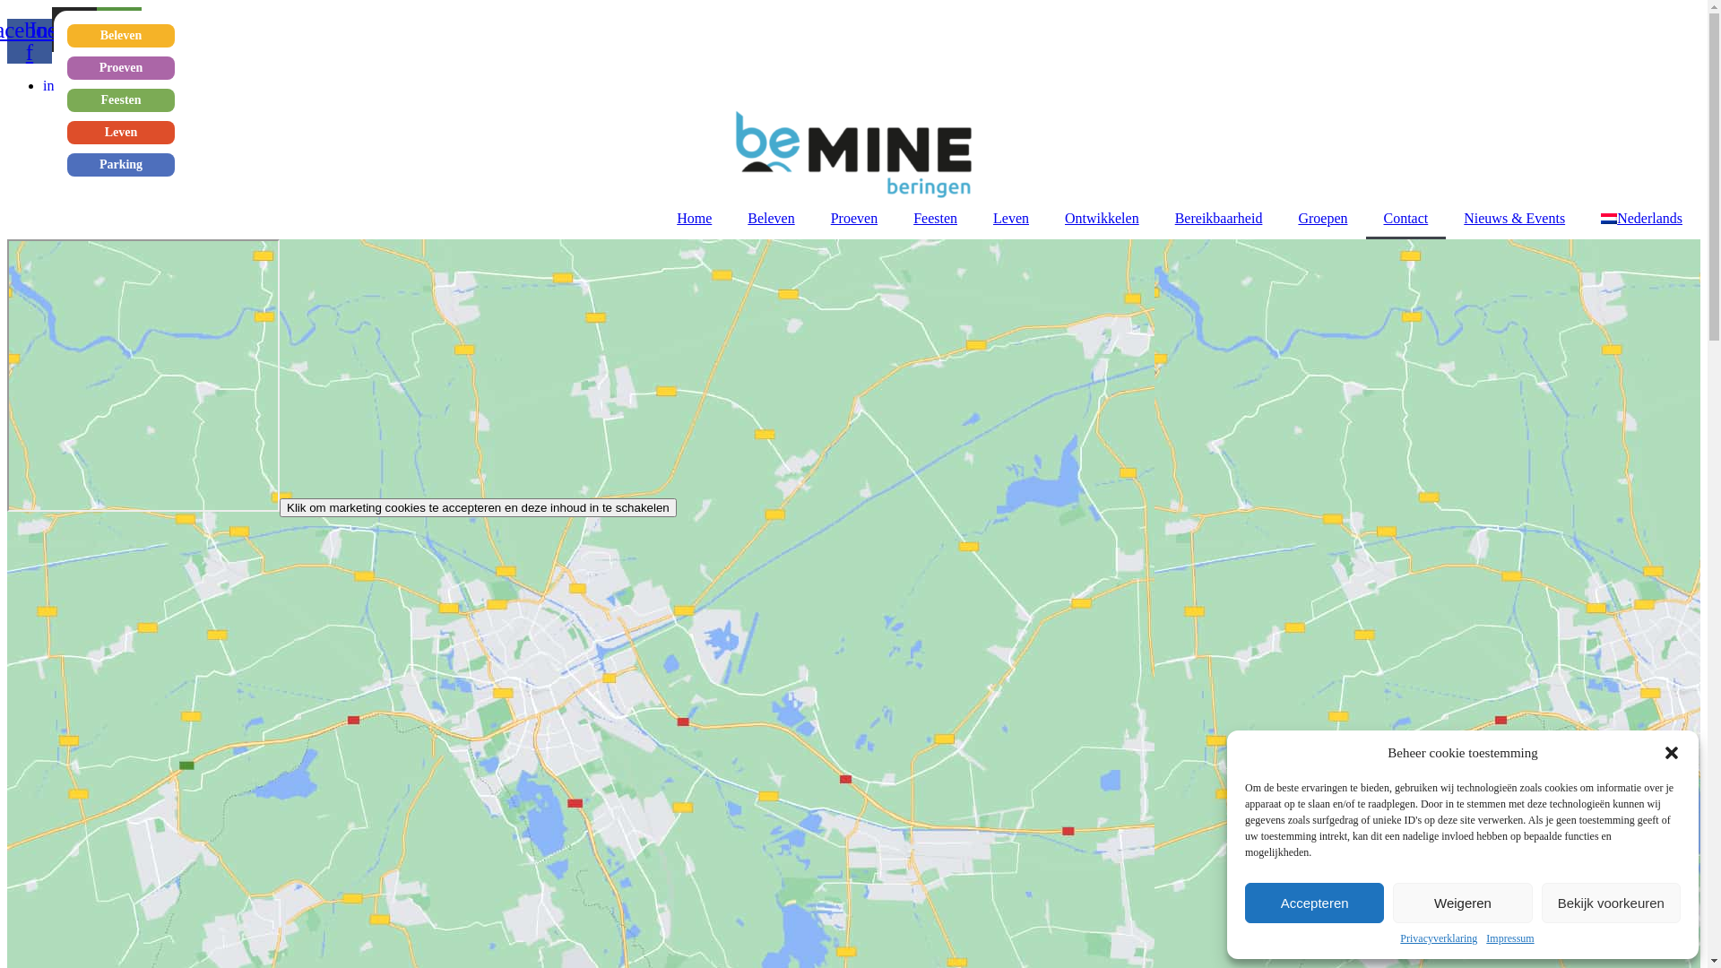 This screenshot has width=1721, height=968. What do you see at coordinates (1392, 903) in the screenshot?
I see `'Weigeren'` at bounding box center [1392, 903].